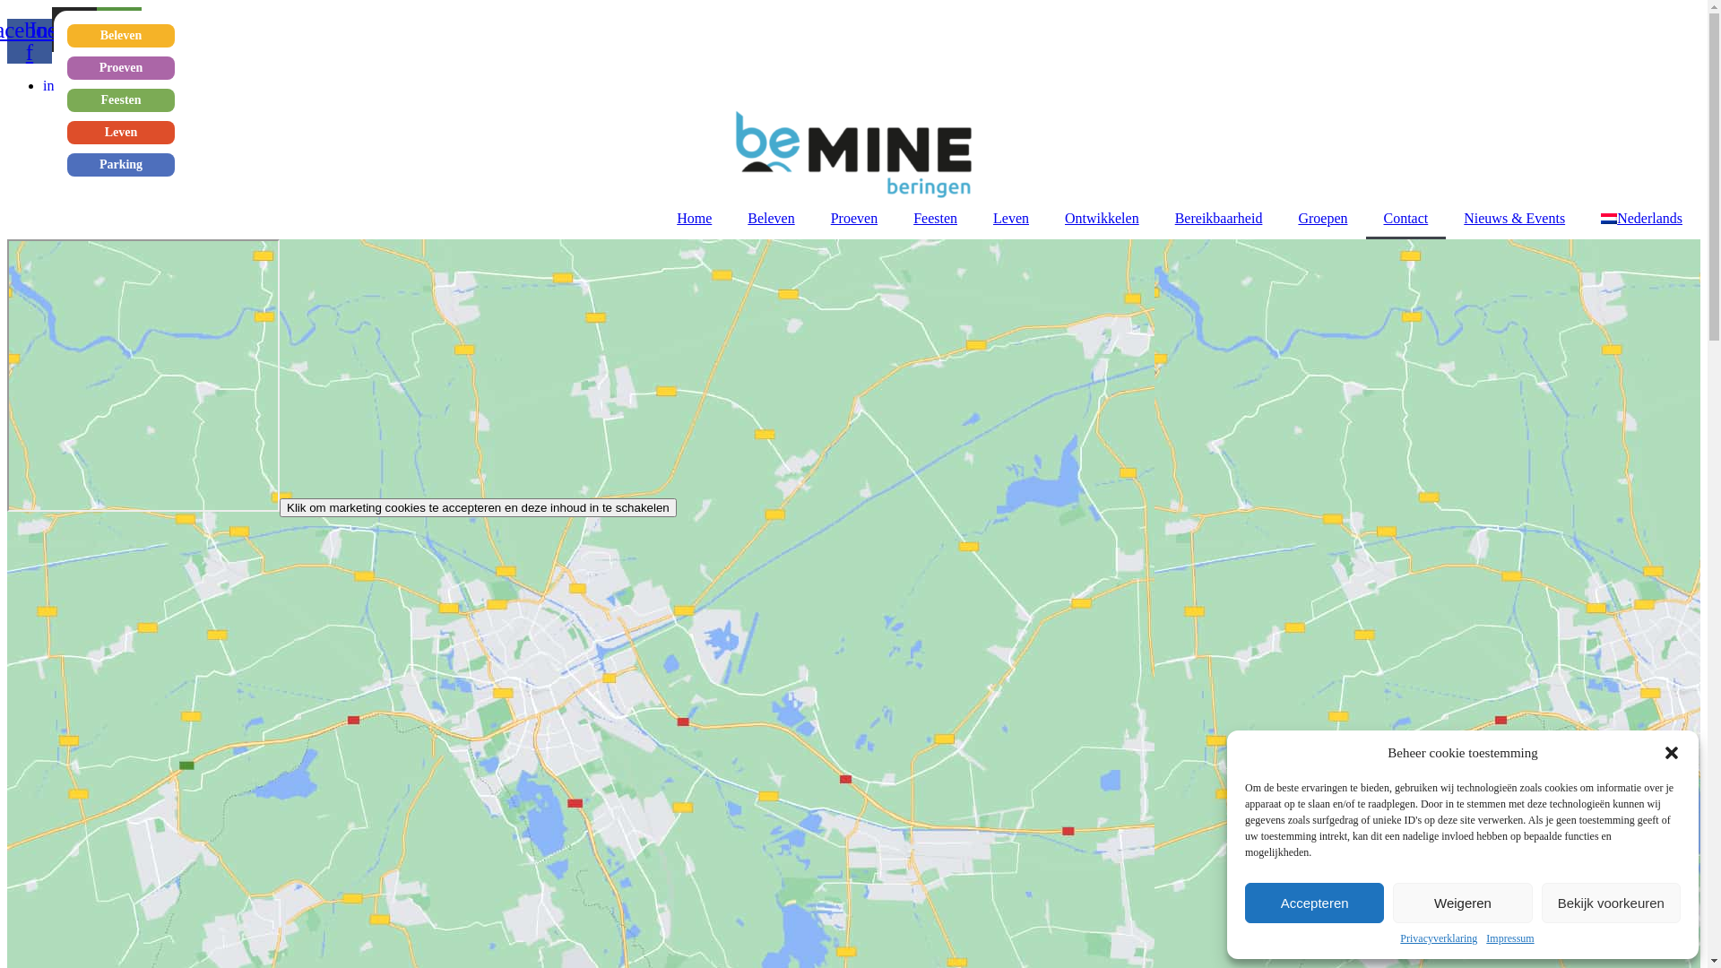 This screenshot has width=1721, height=968. What do you see at coordinates (1392, 903) in the screenshot?
I see `'Weigeren'` at bounding box center [1392, 903].